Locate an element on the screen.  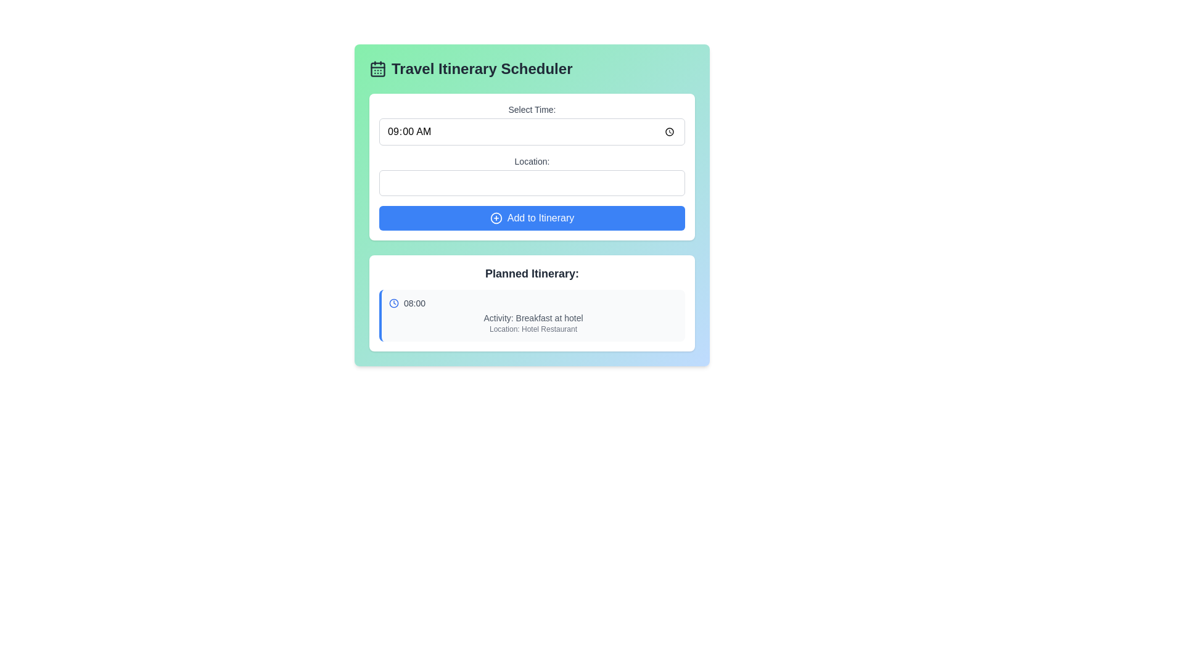
the calendar icon located at the top-left of the interface, adjacent to the 'Travel Itinerary Scheduler' title header is located at coordinates (377, 68).